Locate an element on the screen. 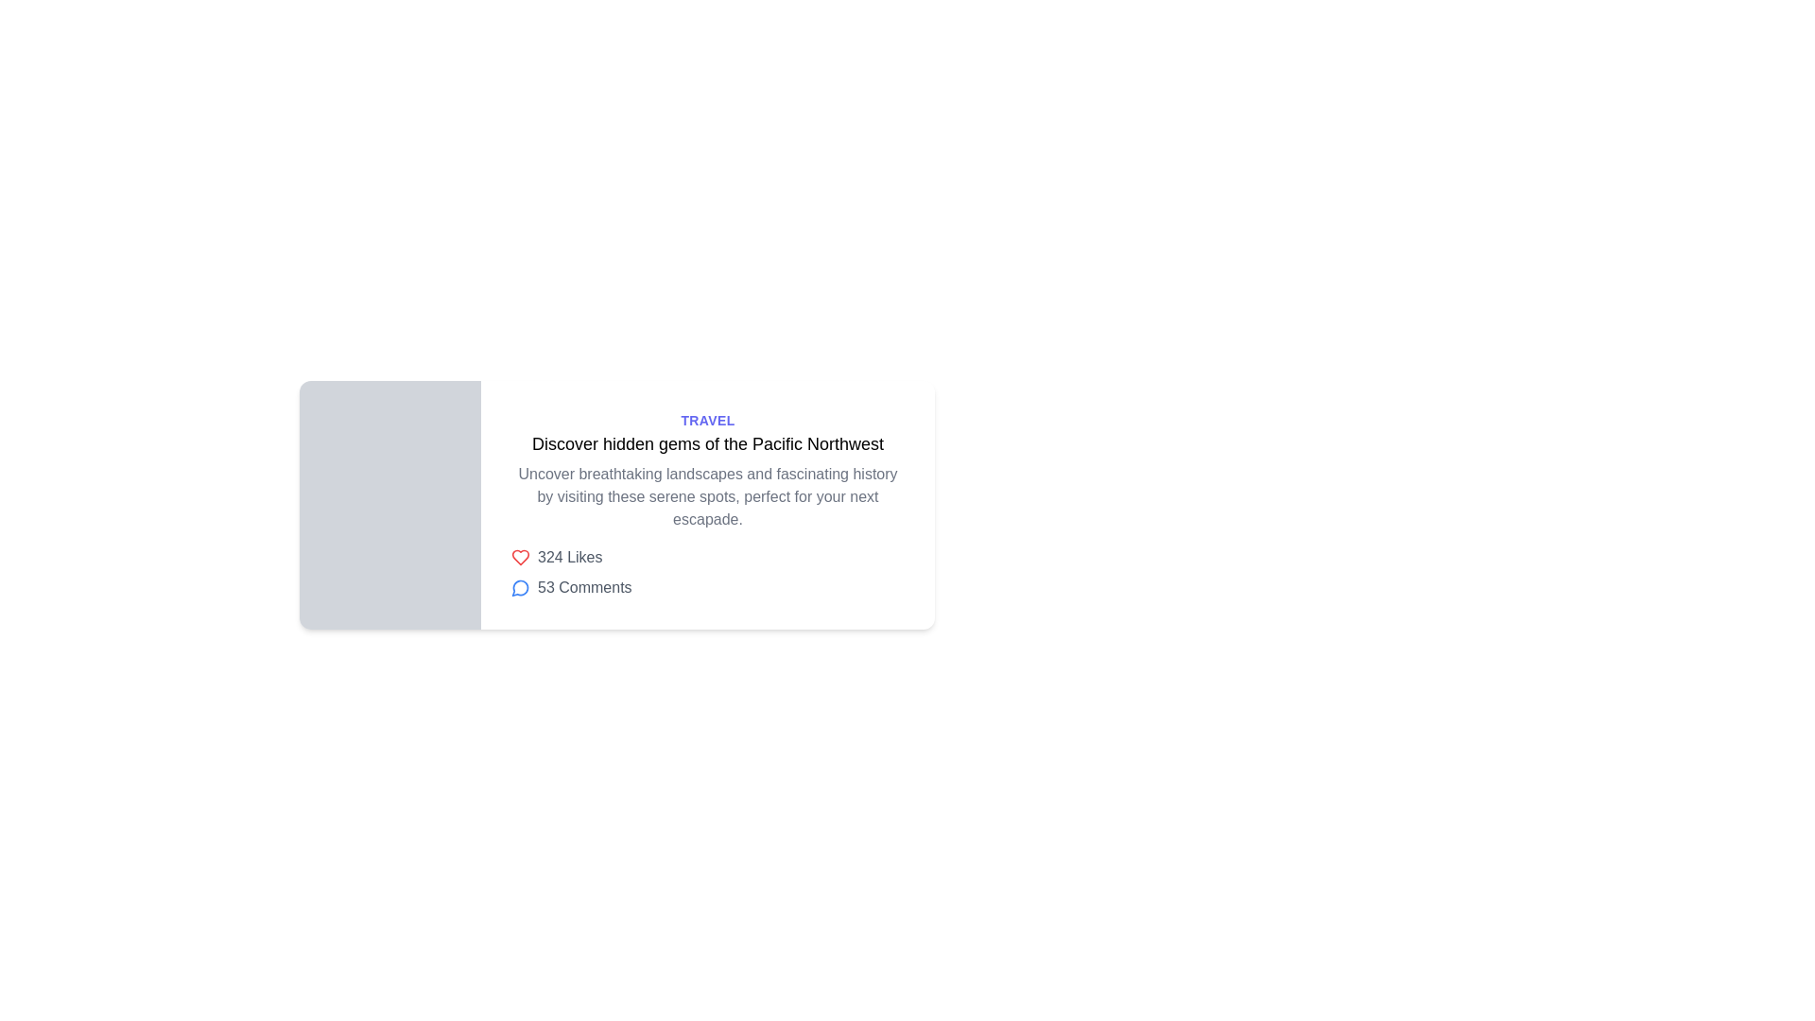 This screenshot has height=1021, width=1815. the heart icon, which serves as an interactive indicator for liking content, located in the lower section of a content card is located at coordinates (521, 556).